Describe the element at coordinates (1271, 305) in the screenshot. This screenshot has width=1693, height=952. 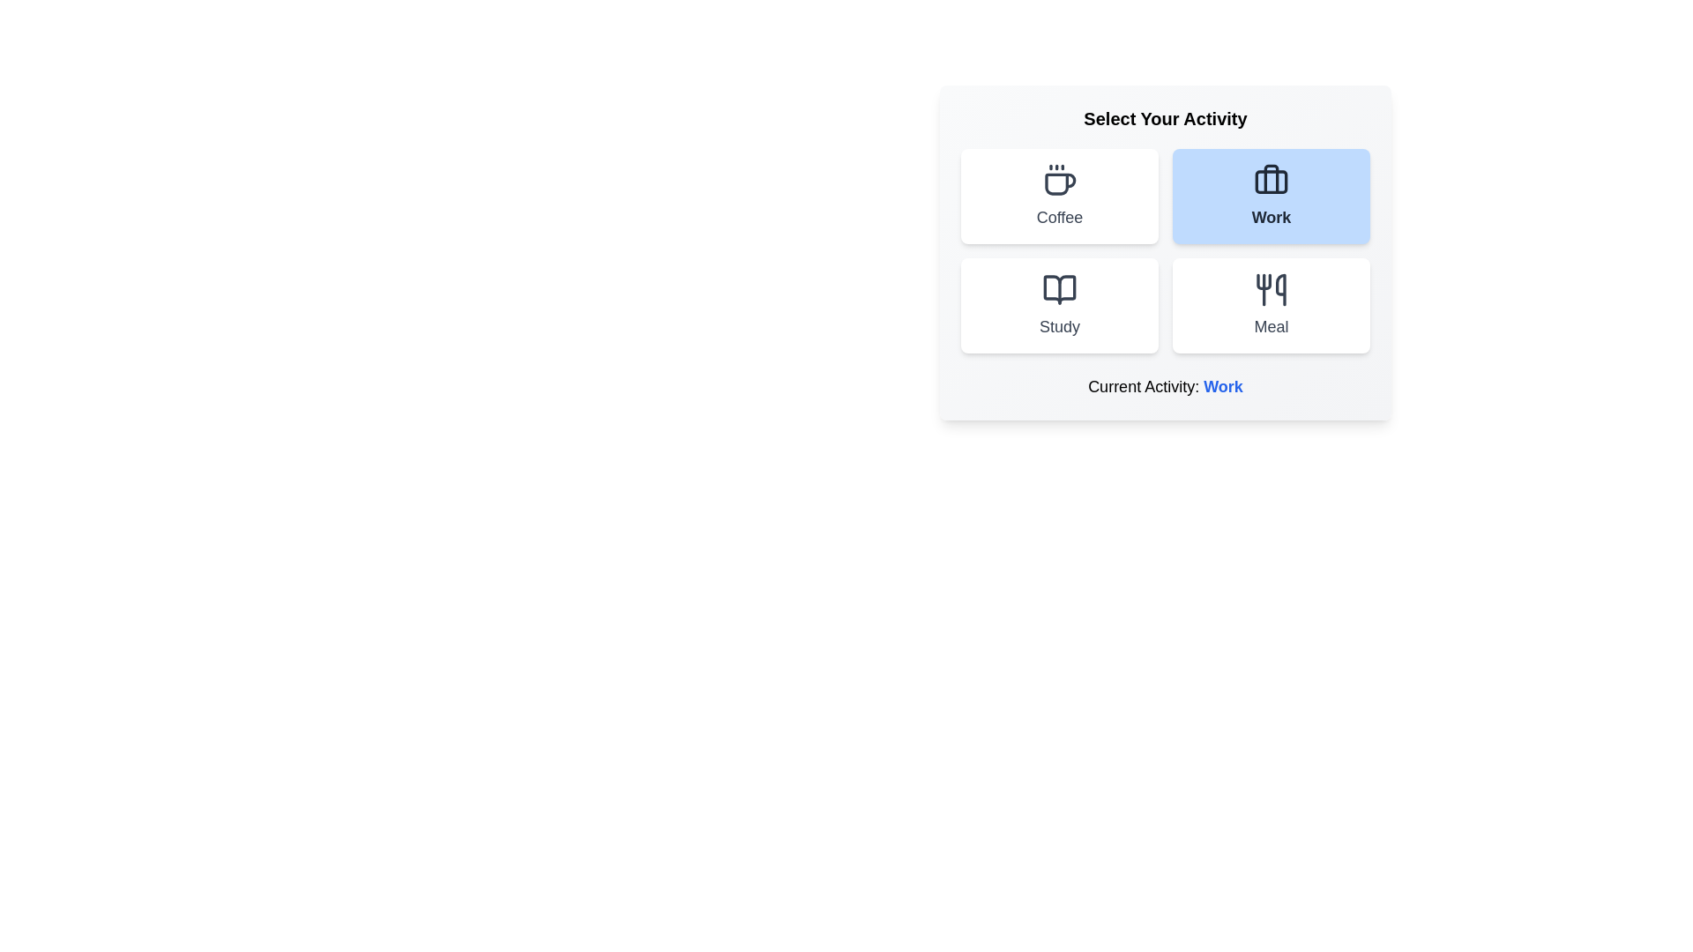
I see `the activity button labeled Meal` at that location.